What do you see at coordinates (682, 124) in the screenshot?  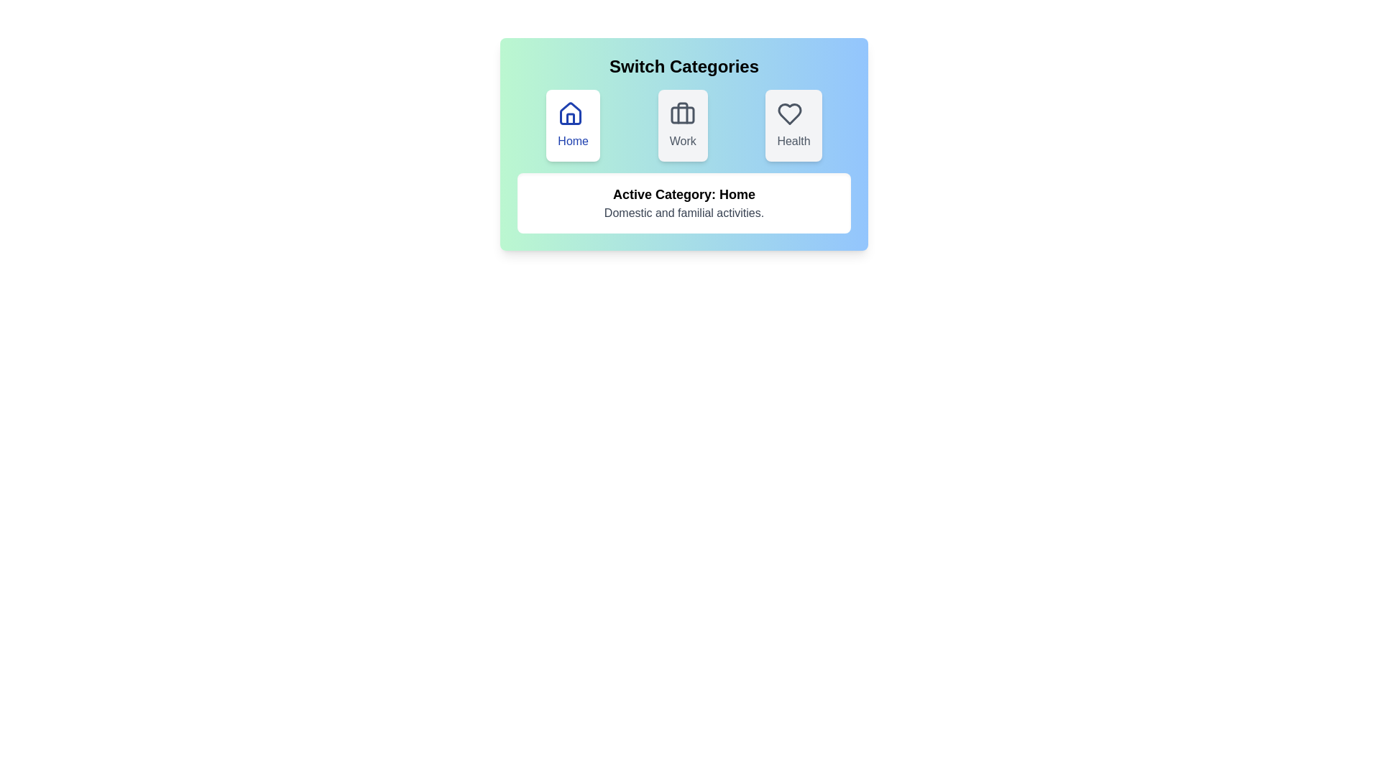 I see `the button with the label Work` at bounding box center [682, 124].